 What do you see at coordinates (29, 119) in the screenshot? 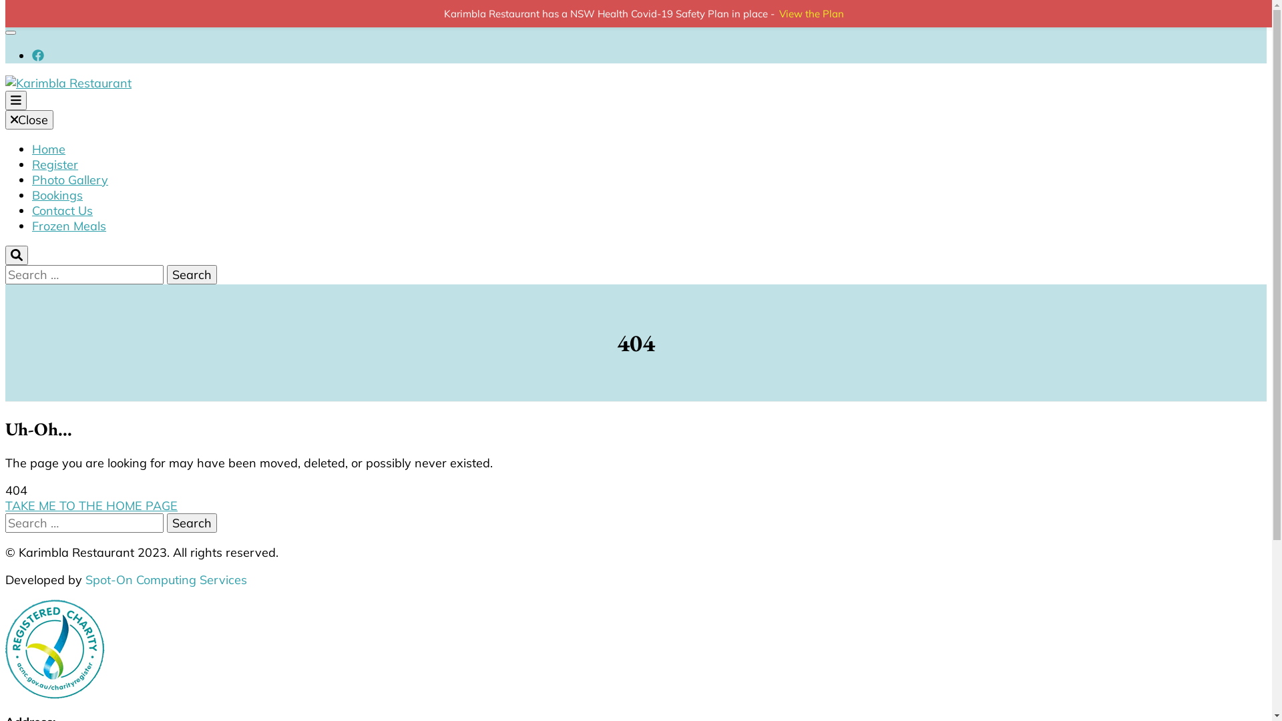
I see `'Close'` at bounding box center [29, 119].